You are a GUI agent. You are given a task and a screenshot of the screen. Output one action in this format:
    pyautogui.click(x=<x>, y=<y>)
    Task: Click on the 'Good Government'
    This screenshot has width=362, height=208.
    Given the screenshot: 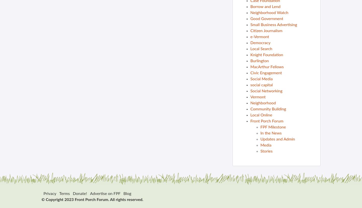 What is the action you would take?
    pyautogui.click(x=250, y=18)
    